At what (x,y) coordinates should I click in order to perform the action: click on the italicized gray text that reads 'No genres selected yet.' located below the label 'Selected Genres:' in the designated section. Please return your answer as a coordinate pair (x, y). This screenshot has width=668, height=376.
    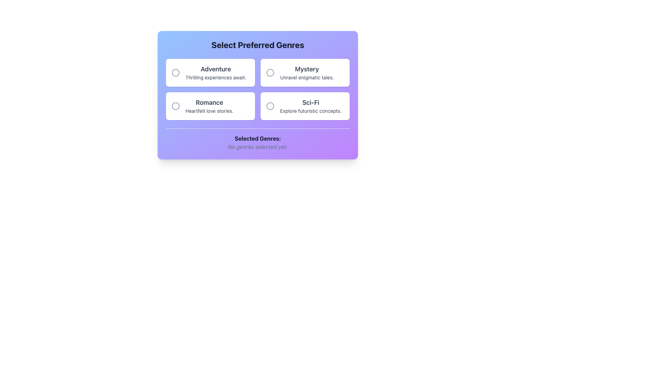
    Looking at the image, I should click on (257, 146).